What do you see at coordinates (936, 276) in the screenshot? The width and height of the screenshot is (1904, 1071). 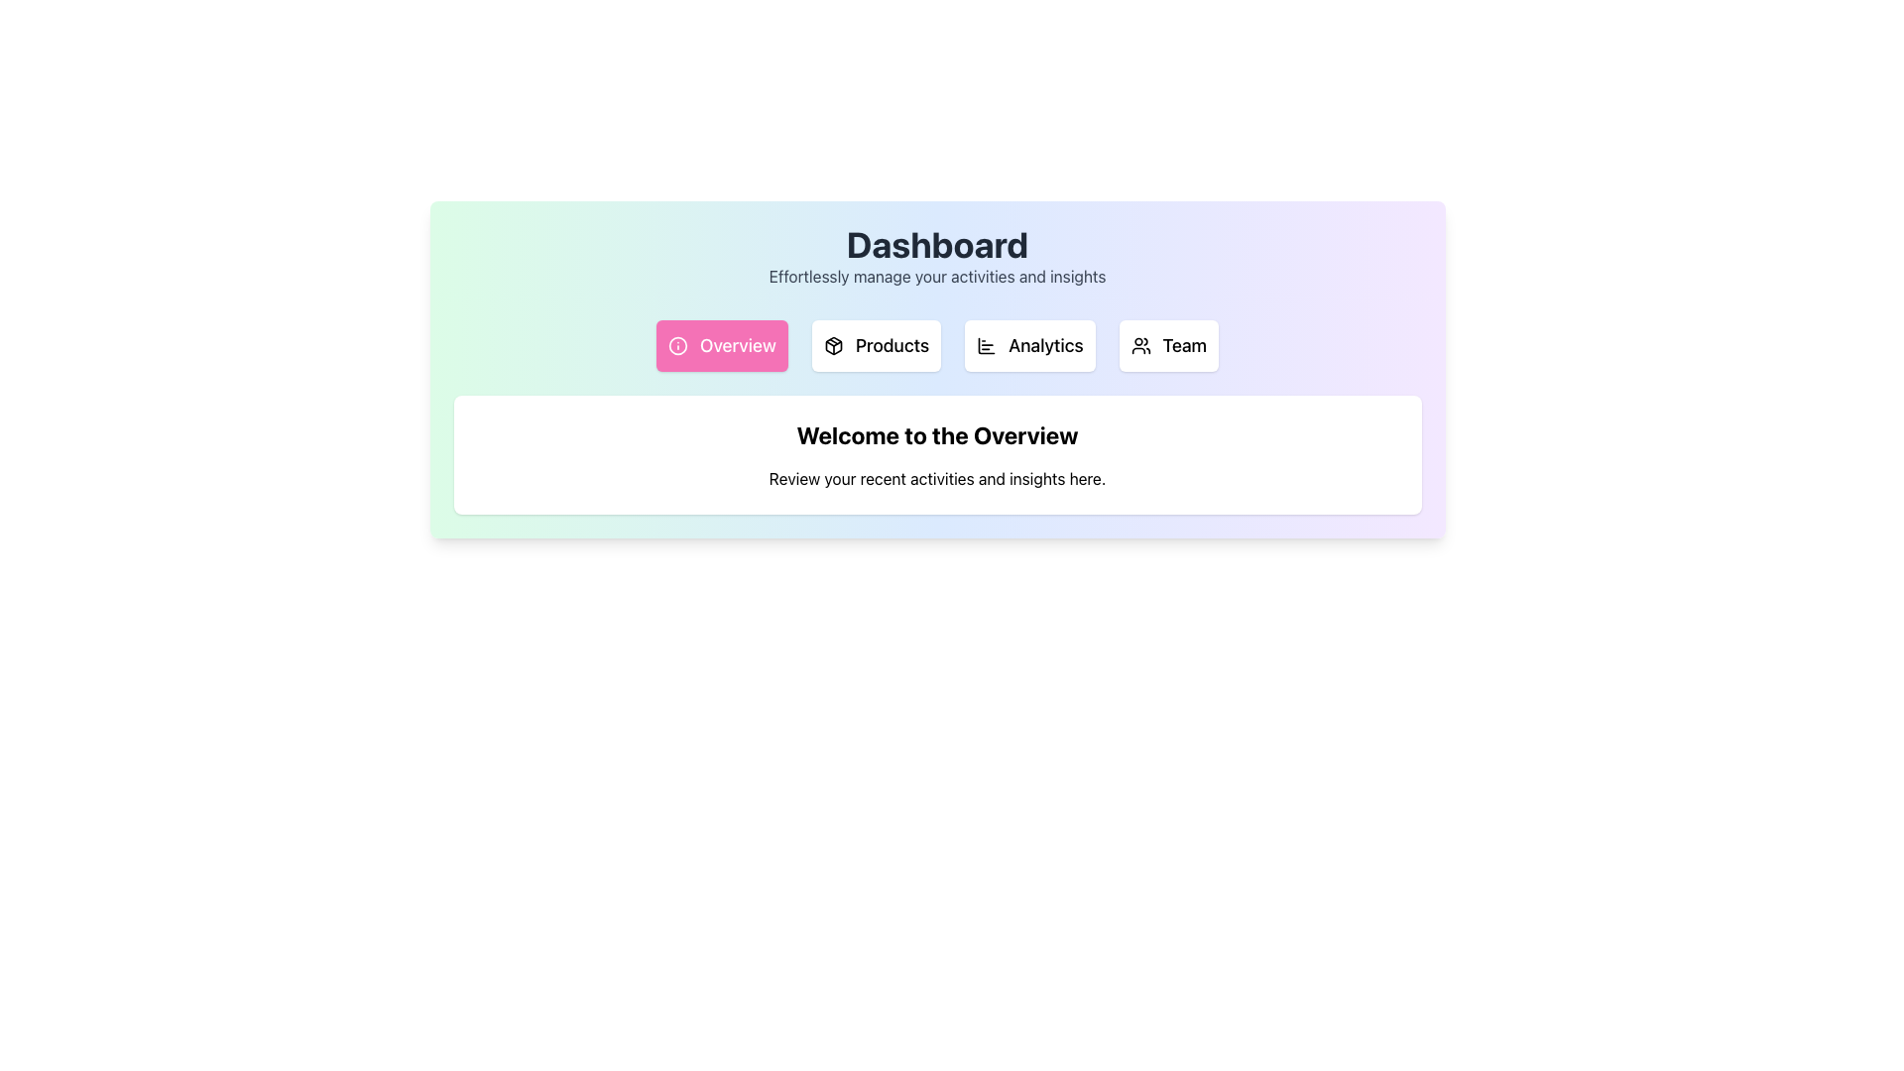 I see `the text label displaying 'Effortlessly manage your activities and insights', which is styled in medium gray (#707070) and positioned below the 'Dashboard' header` at bounding box center [936, 276].